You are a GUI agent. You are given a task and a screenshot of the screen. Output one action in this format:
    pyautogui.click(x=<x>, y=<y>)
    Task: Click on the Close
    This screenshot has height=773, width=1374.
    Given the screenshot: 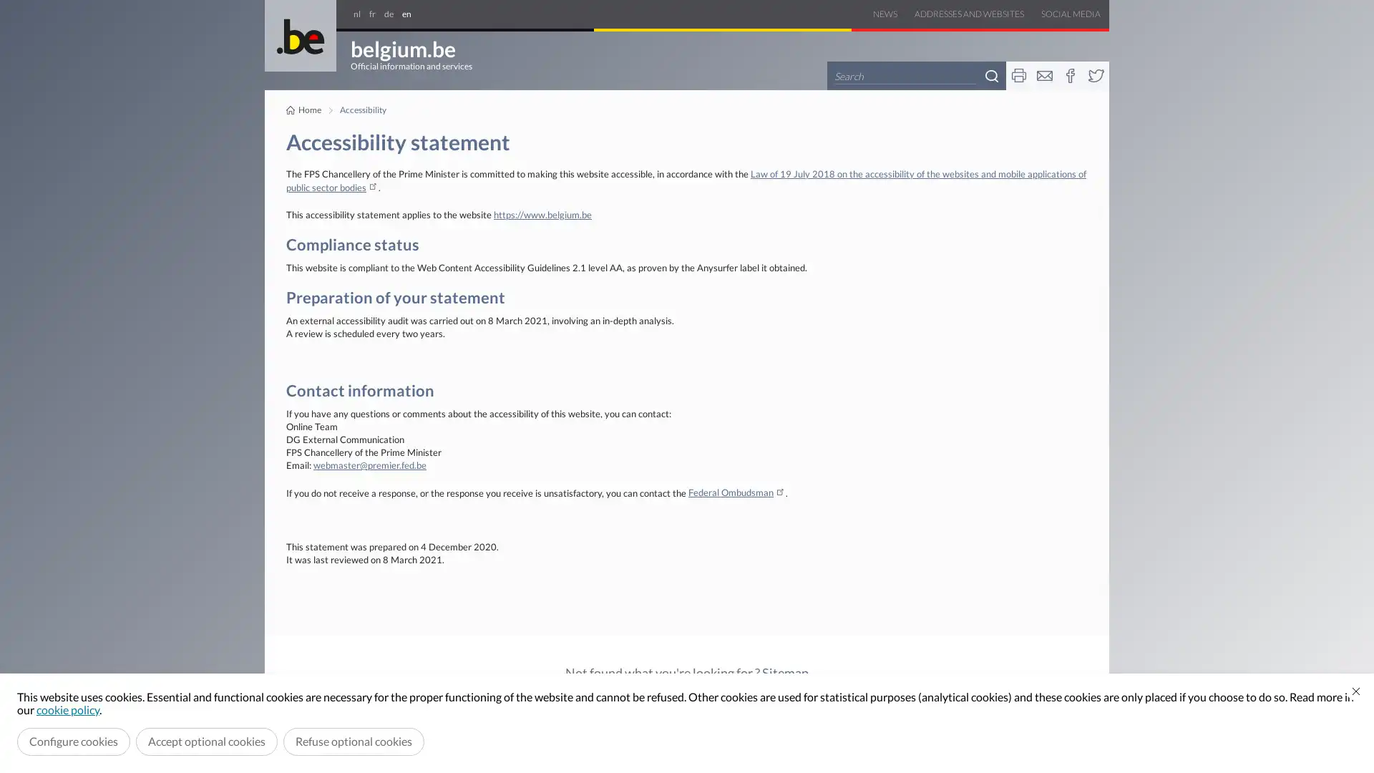 What is the action you would take?
    pyautogui.click(x=1355, y=690)
    